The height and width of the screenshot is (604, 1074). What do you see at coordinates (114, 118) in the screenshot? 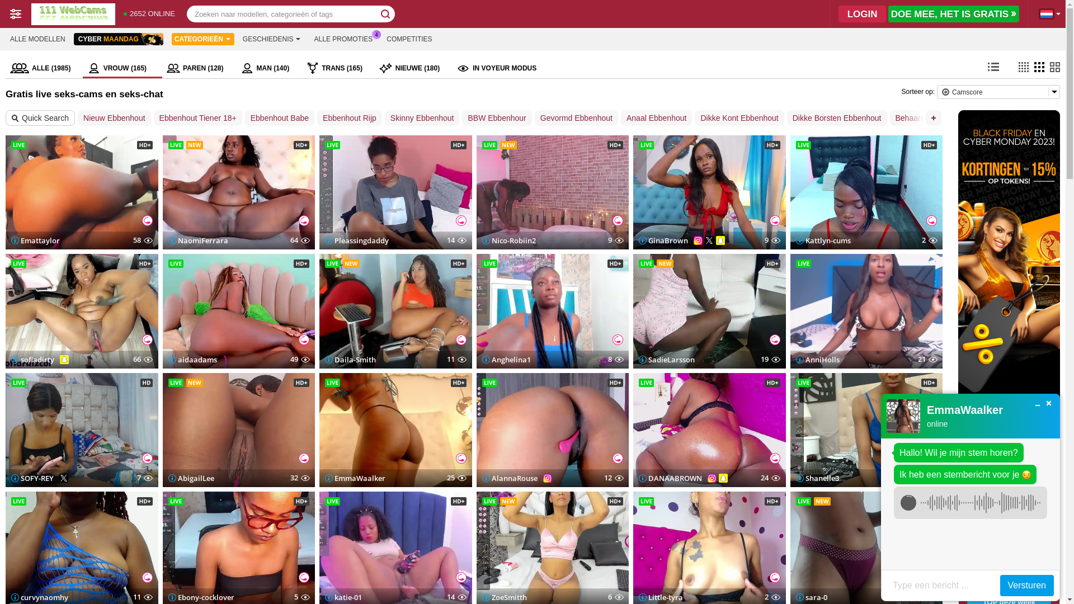
I see `'Nieuw Ebbenhout'` at bounding box center [114, 118].